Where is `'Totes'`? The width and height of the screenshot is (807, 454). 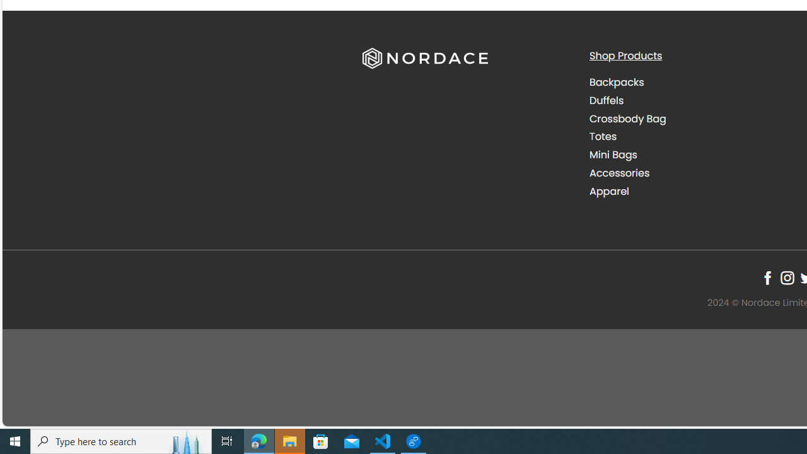
'Totes' is located at coordinates (602, 137).